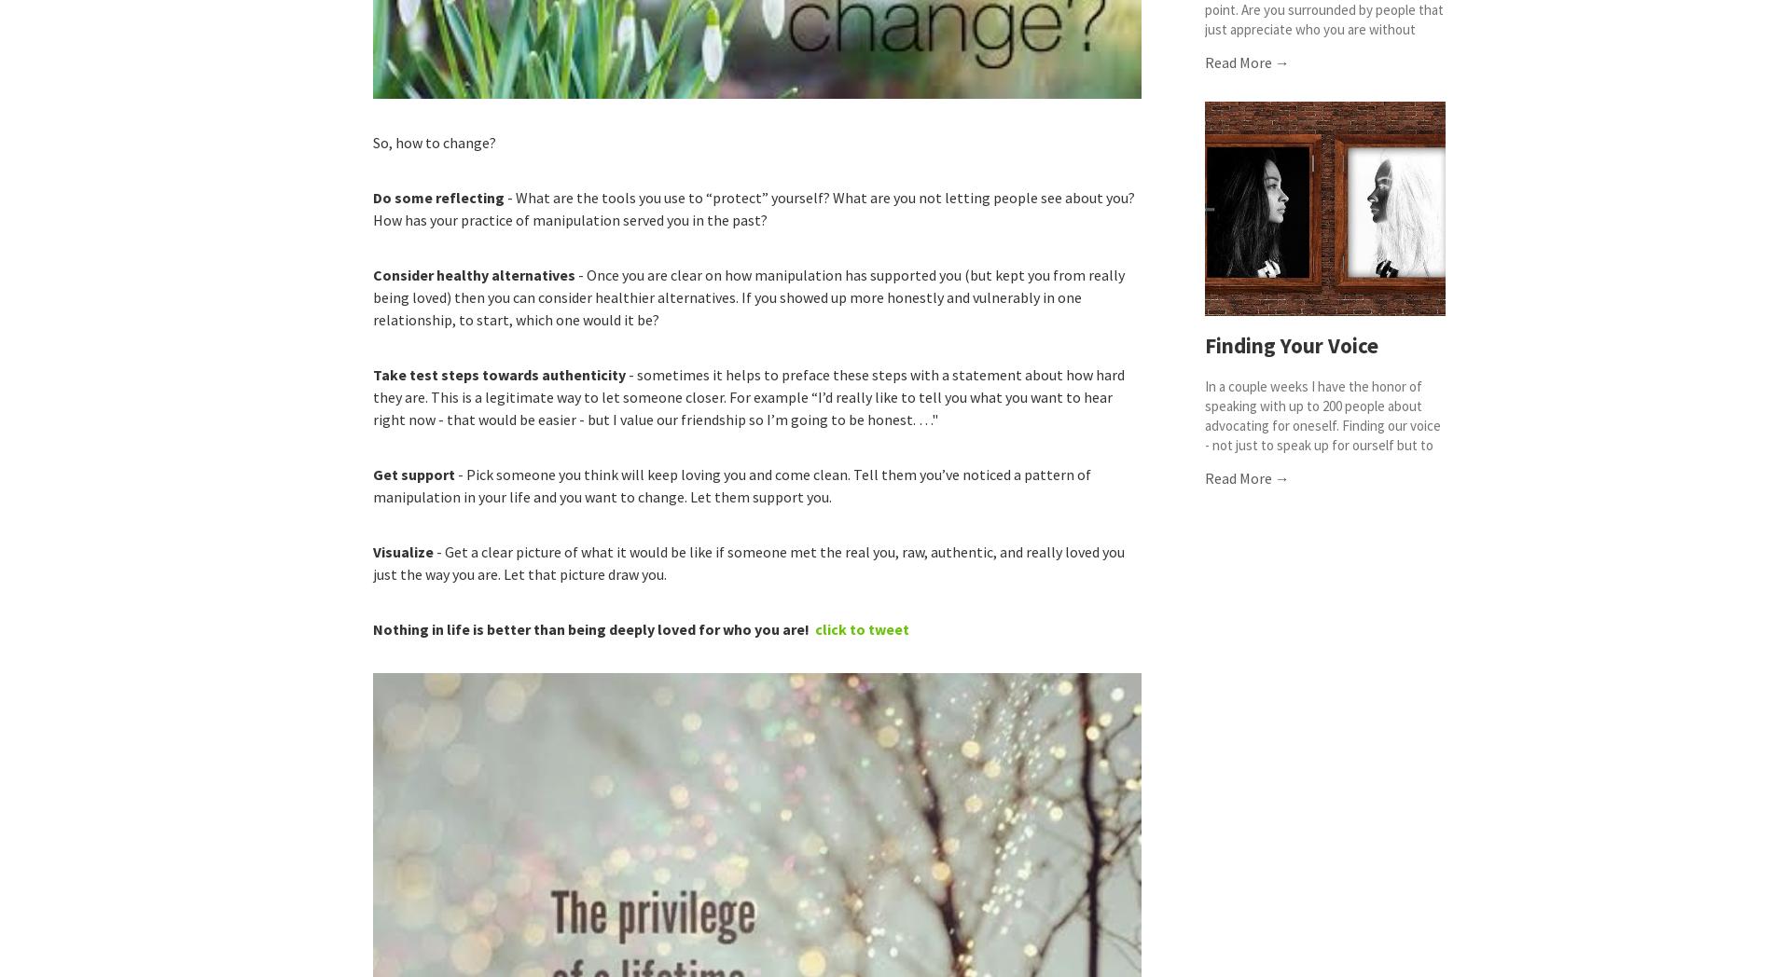  Describe the element at coordinates (499, 373) in the screenshot. I see `'Take test steps towards authenticity'` at that location.